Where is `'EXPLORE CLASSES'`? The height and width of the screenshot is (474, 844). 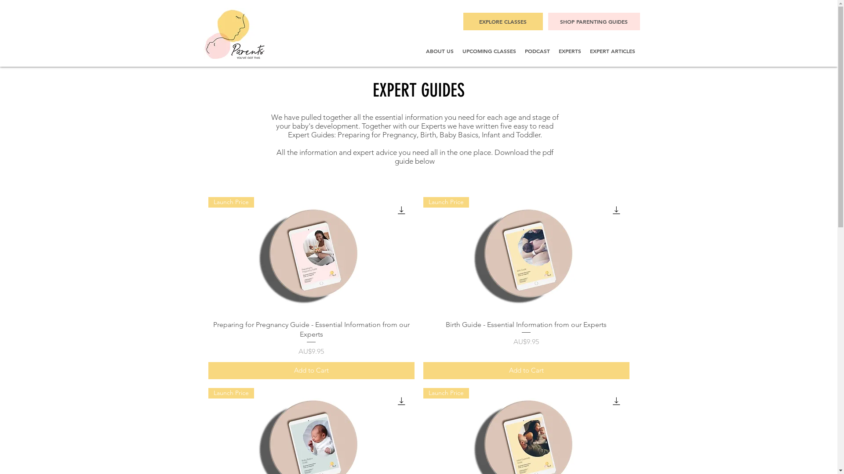 'EXPLORE CLASSES' is located at coordinates (463, 21).